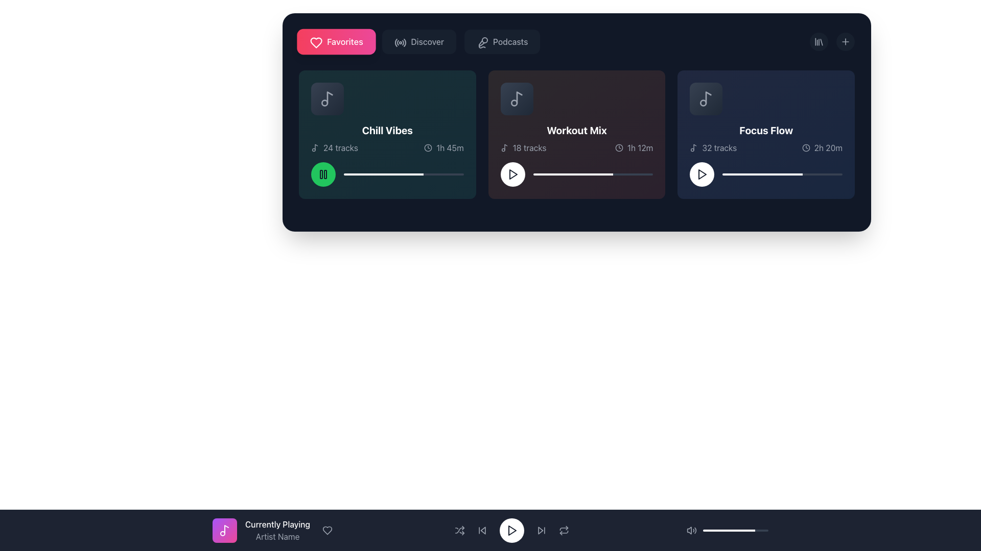  Describe the element at coordinates (576, 134) in the screenshot. I see `the Playlist card located in the center of the primary playlist selection area` at that location.